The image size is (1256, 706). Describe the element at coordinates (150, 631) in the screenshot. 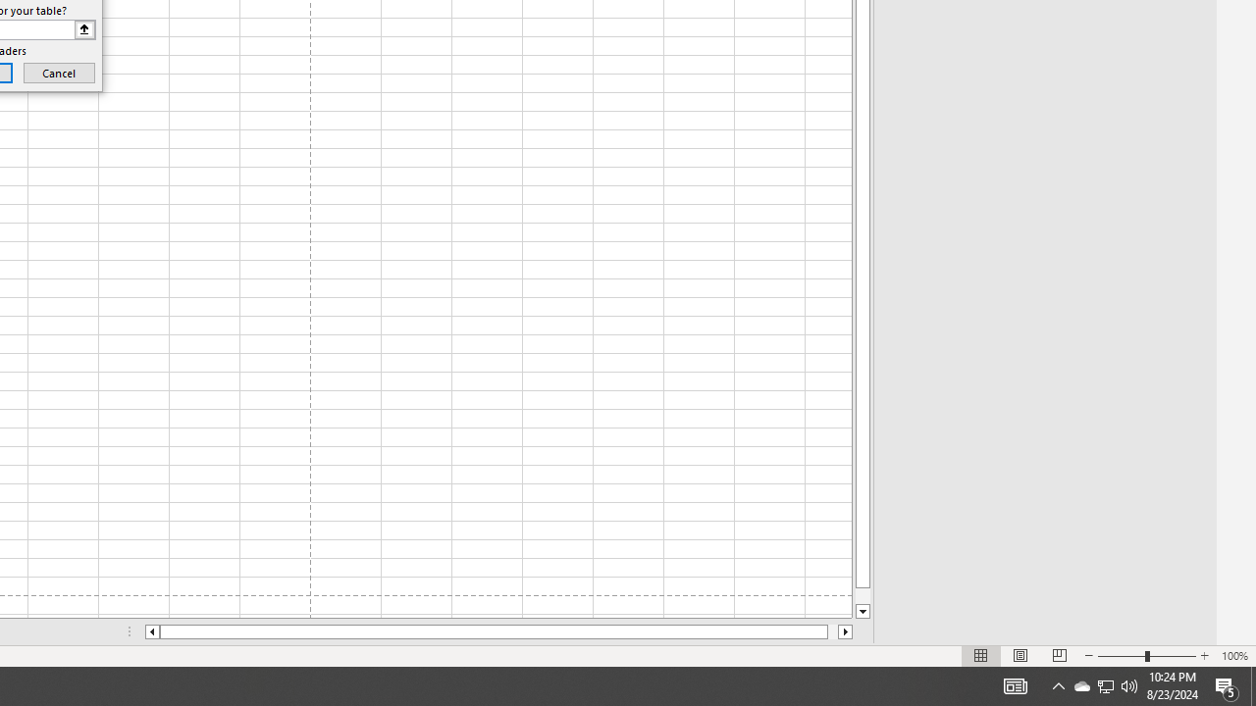

I see `'Column left'` at that location.